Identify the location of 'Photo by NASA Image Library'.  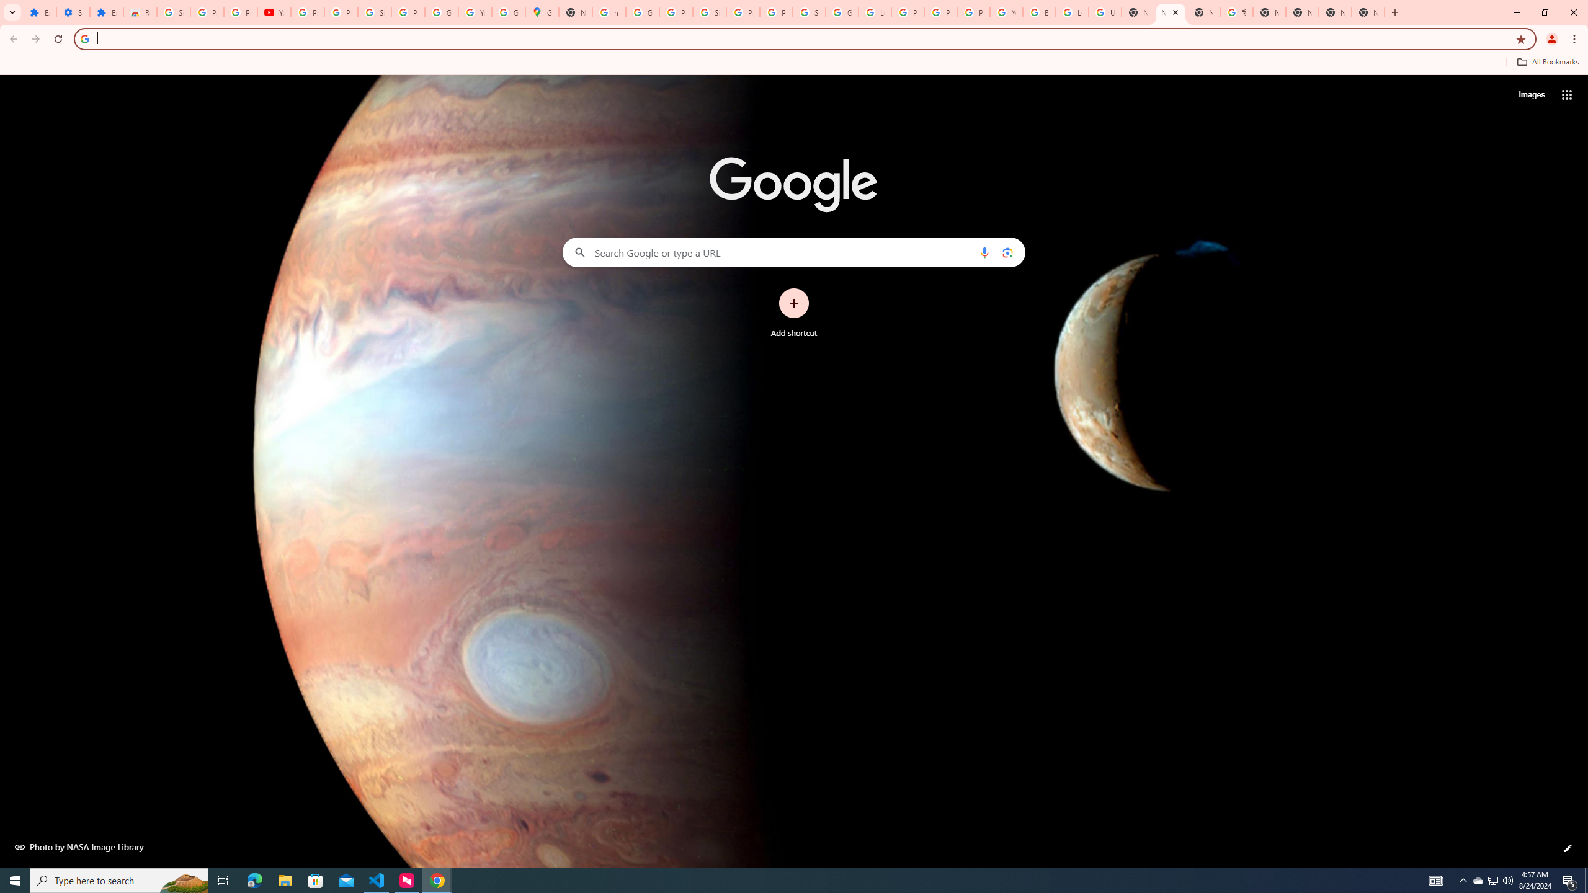
(79, 846).